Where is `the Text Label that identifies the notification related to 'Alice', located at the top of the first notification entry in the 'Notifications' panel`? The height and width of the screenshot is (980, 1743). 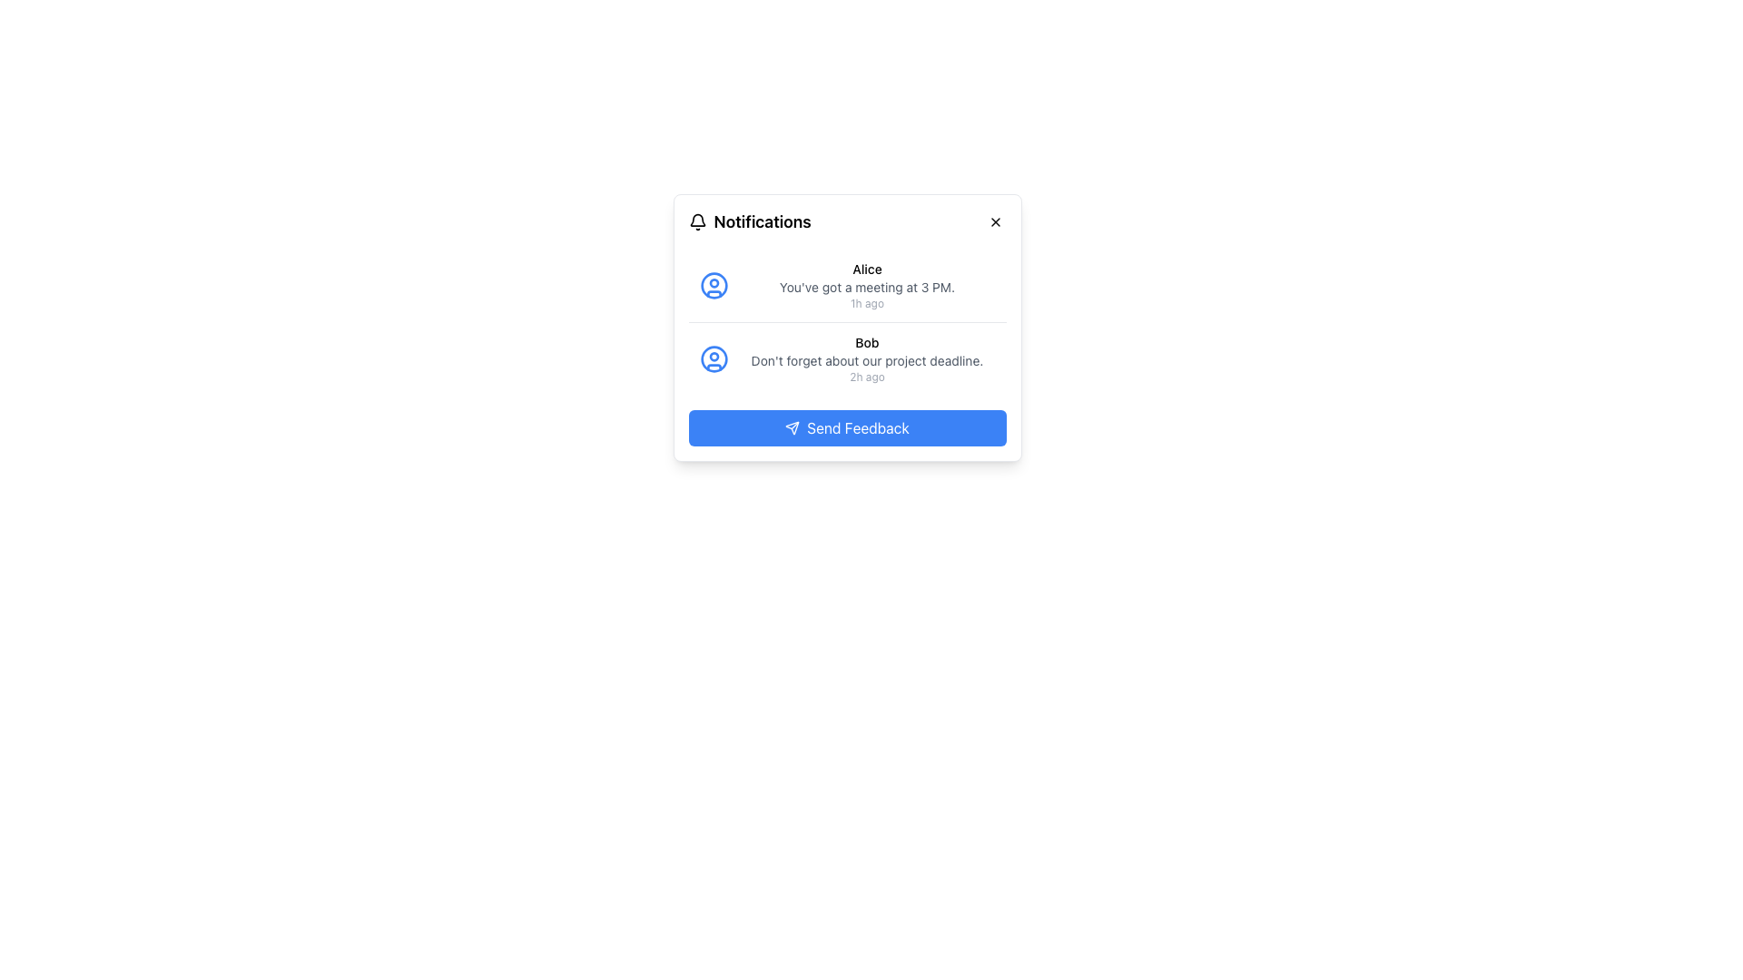
the Text Label that identifies the notification related to 'Alice', located at the top of the first notification entry in the 'Notifications' panel is located at coordinates (866, 269).